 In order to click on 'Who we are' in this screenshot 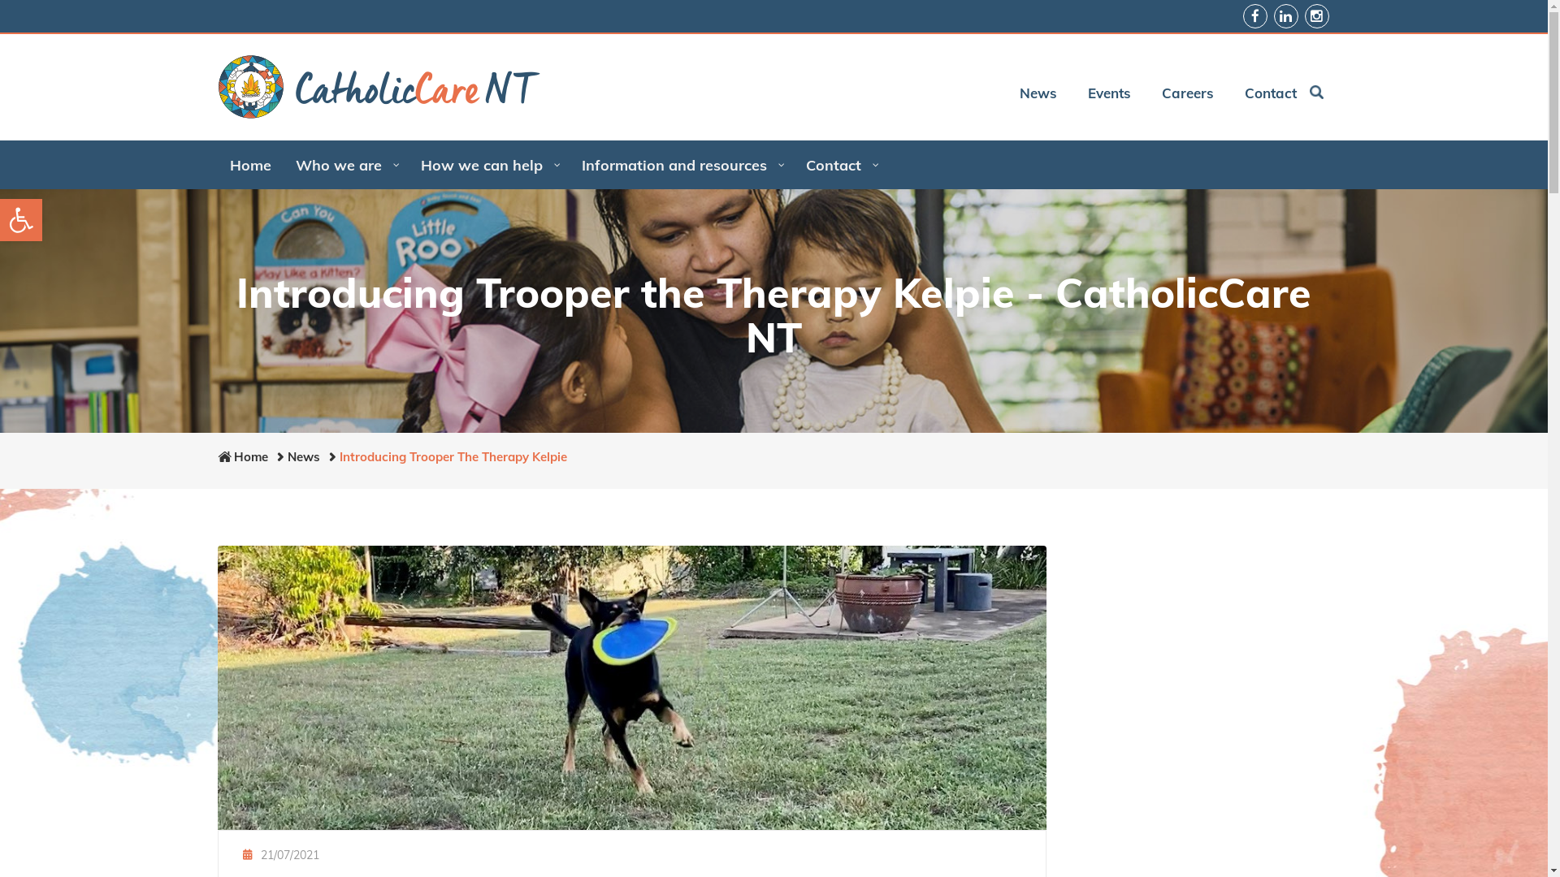, I will do `click(344, 165)`.